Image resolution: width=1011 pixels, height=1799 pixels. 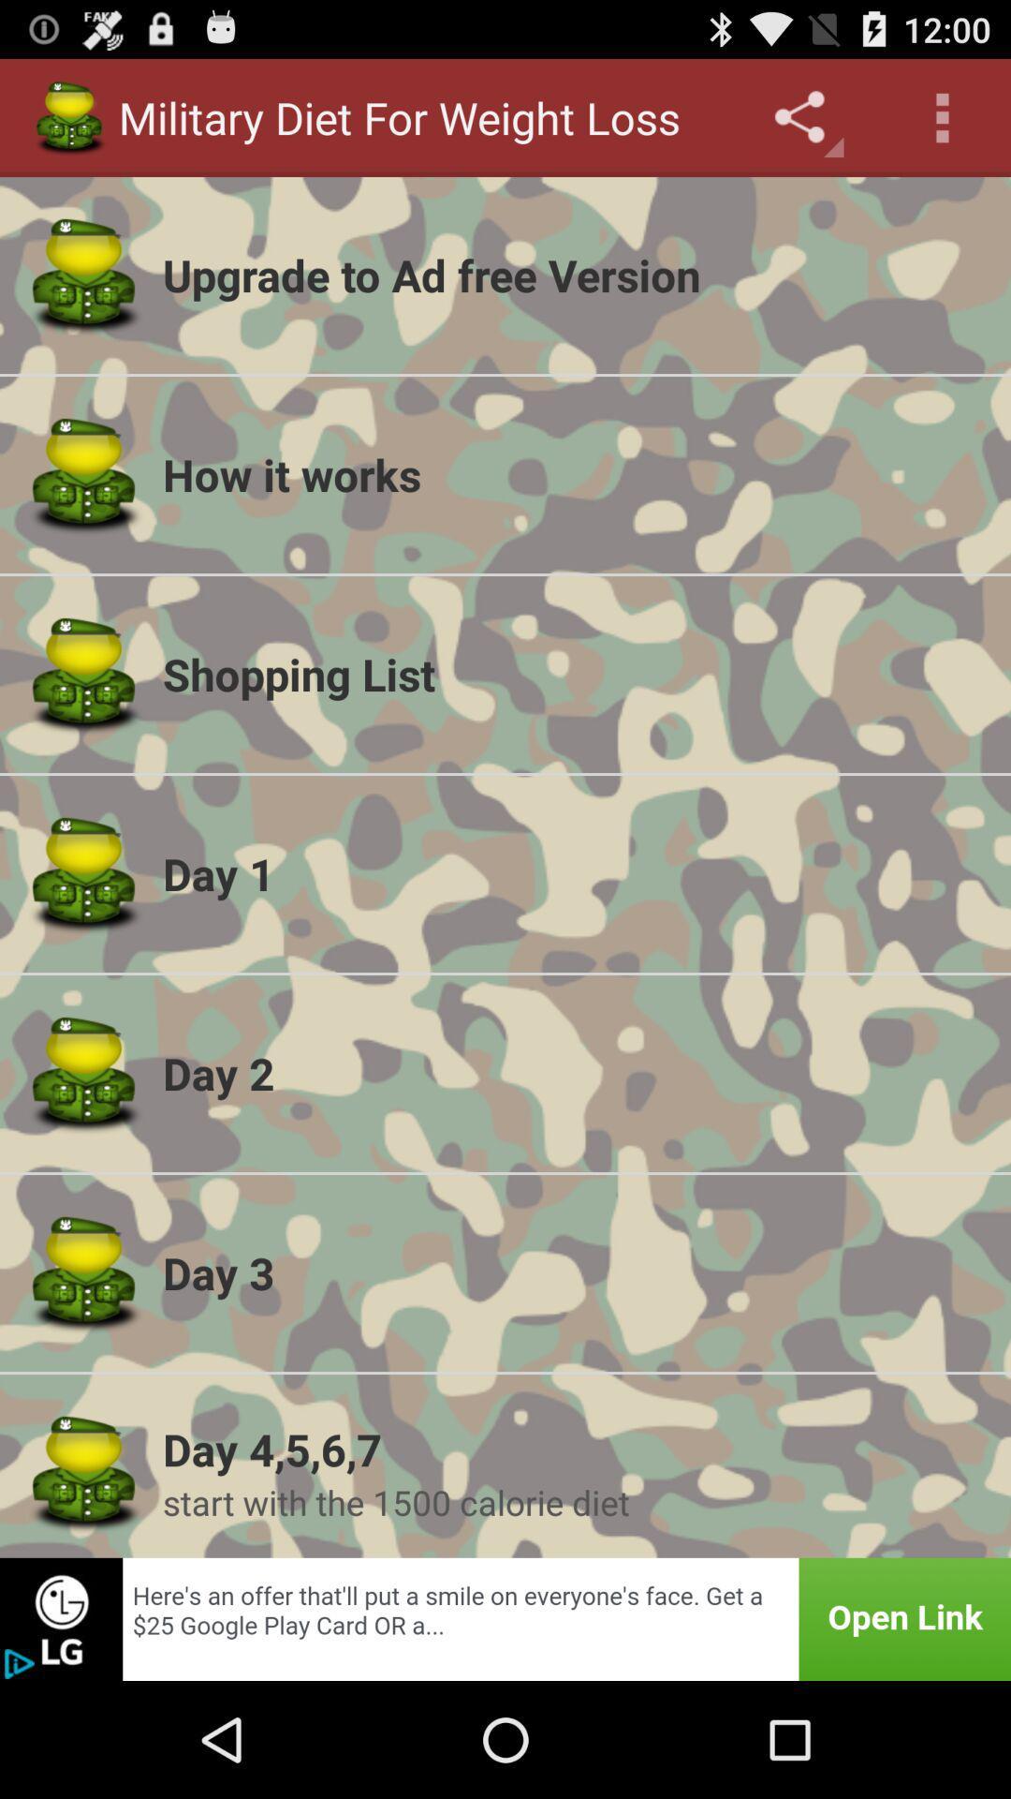 What do you see at coordinates (574, 872) in the screenshot?
I see `the day 1 item` at bounding box center [574, 872].